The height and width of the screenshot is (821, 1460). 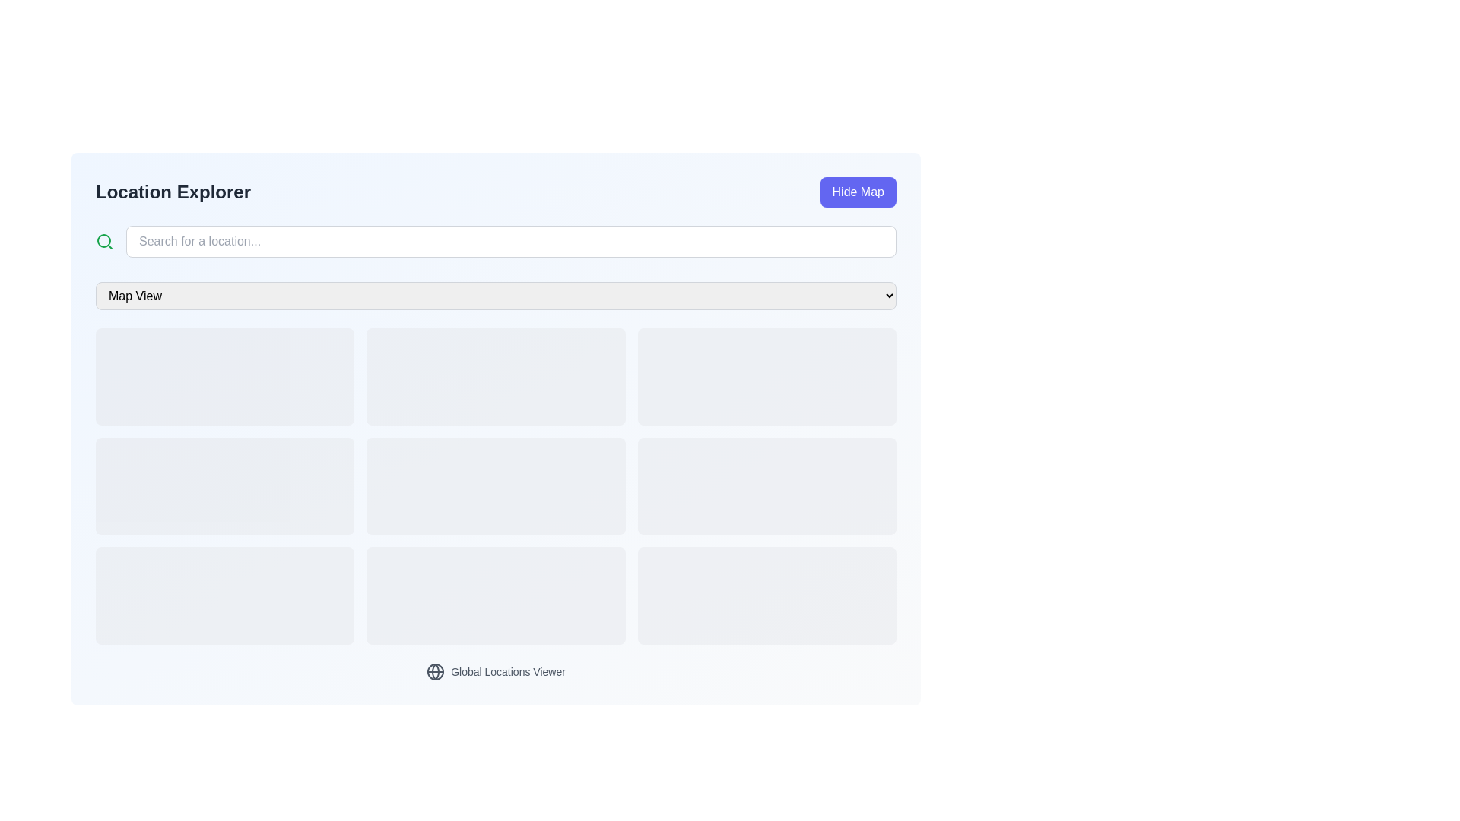 I want to click on text content of the bold heading labeled 'Location Explorer', which is prominently displayed in dark gray at the top-left corner of the interface, just to the left of the 'Hide Map' button, so click(x=173, y=192).